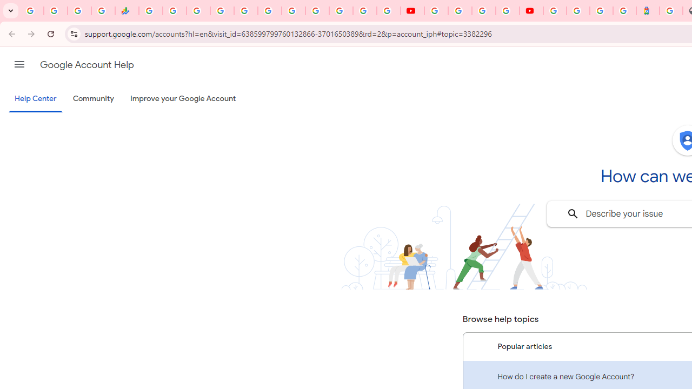 The image size is (692, 389). What do you see at coordinates (86, 64) in the screenshot?
I see `'Google Account Help'` at bounding box center [86, 64].